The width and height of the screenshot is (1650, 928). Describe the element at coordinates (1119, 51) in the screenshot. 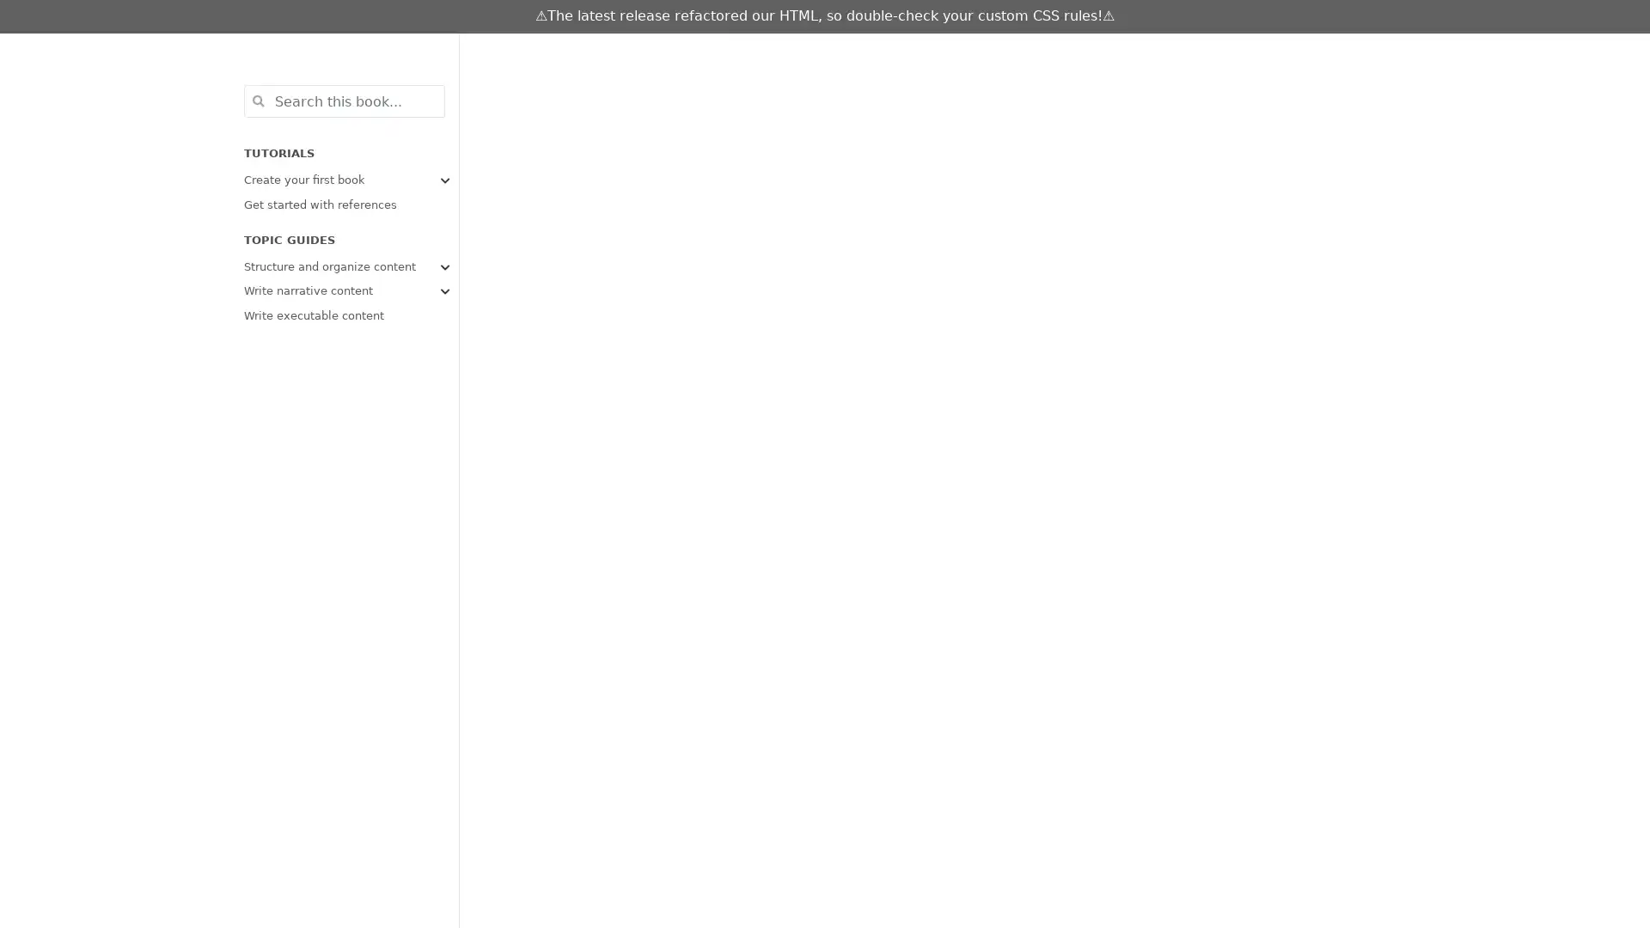

I see `Source repositories` at that location.